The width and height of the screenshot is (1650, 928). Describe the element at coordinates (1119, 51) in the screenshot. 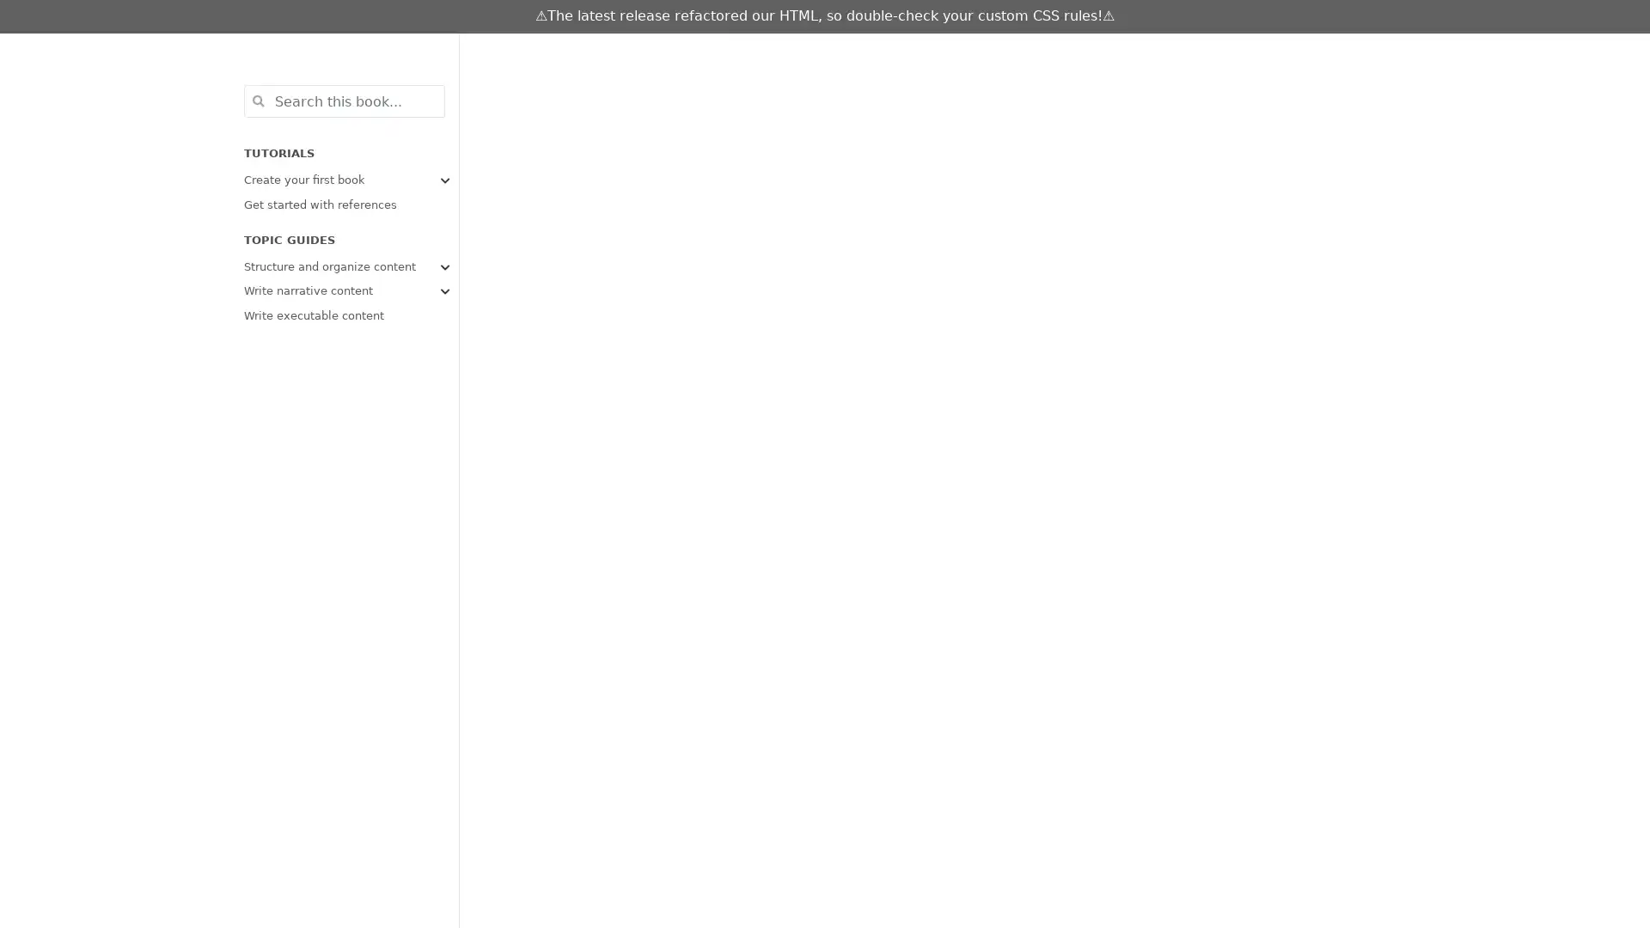

I see `Source repositories` at that location.